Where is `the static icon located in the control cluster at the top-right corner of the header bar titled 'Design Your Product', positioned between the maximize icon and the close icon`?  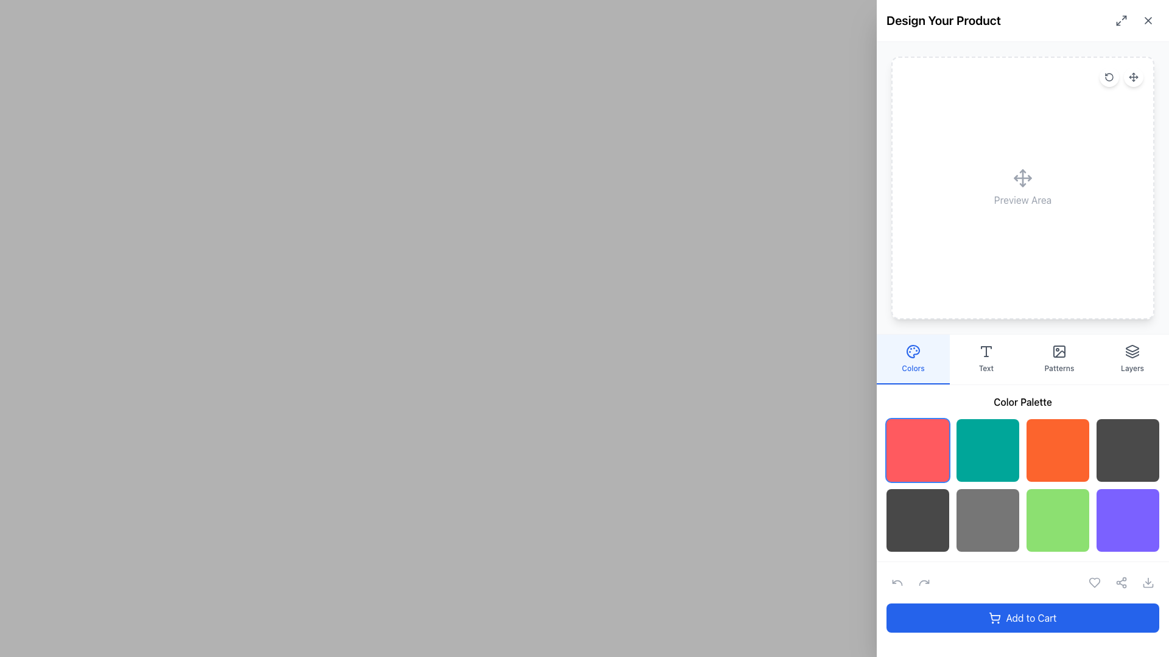 the static icon located in the control cluster at the top-right corner of the header bar titled 'Design Your Product', positioned between the maximize icon and the close icon is located at coordinates (1134, 21).